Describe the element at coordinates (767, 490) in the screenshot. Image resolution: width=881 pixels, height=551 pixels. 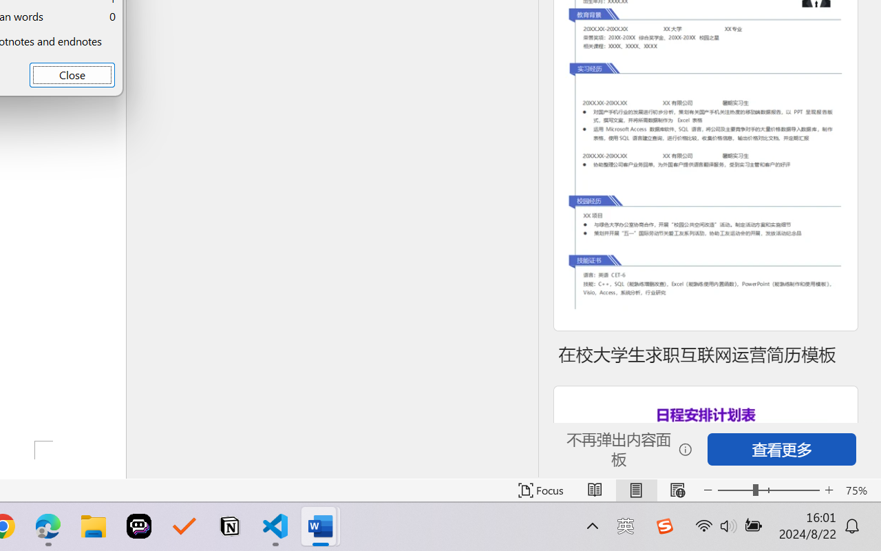
I see `'Zoom'` at that location.